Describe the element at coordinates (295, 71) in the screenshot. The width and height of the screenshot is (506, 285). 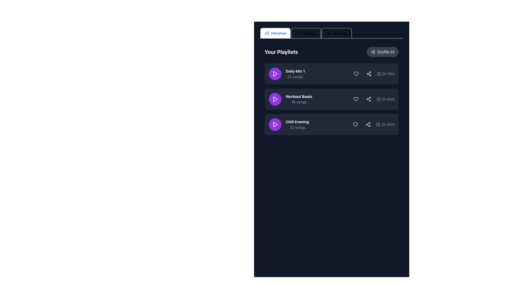
I see `text label displaying the title of the playlist, positioned to the right of the play button and above the '25 songs' text under 'Your Playlists'` at that location.